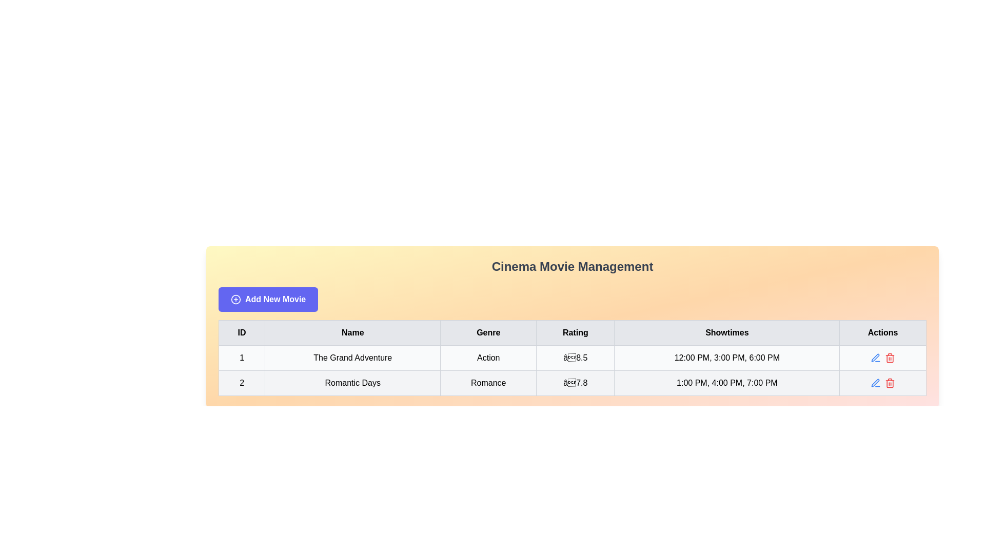 This screenshot has height=554, width=985. What do you see at coordinates (352, 332) in the screenshot?
I see `the Table Header Cell labeled 'Name', which is styled with a gray background and bold black font, located in the header row of the table` at bounding box center [352, 332].